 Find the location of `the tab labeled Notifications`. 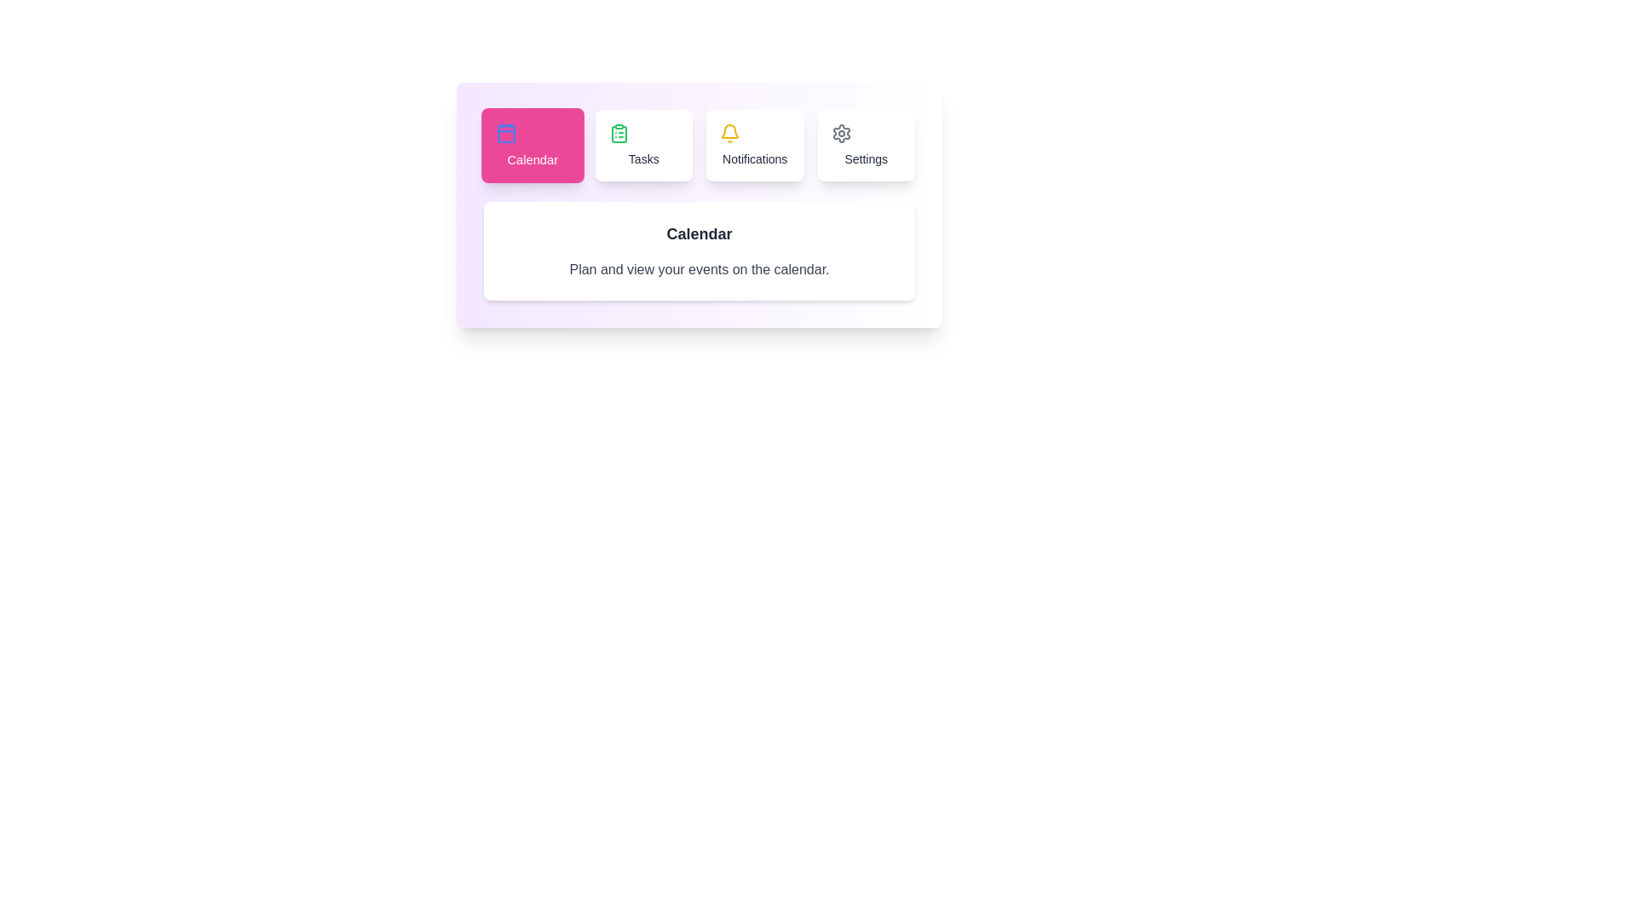

the tab labeled Notifications is located at coordinates (754, 144).